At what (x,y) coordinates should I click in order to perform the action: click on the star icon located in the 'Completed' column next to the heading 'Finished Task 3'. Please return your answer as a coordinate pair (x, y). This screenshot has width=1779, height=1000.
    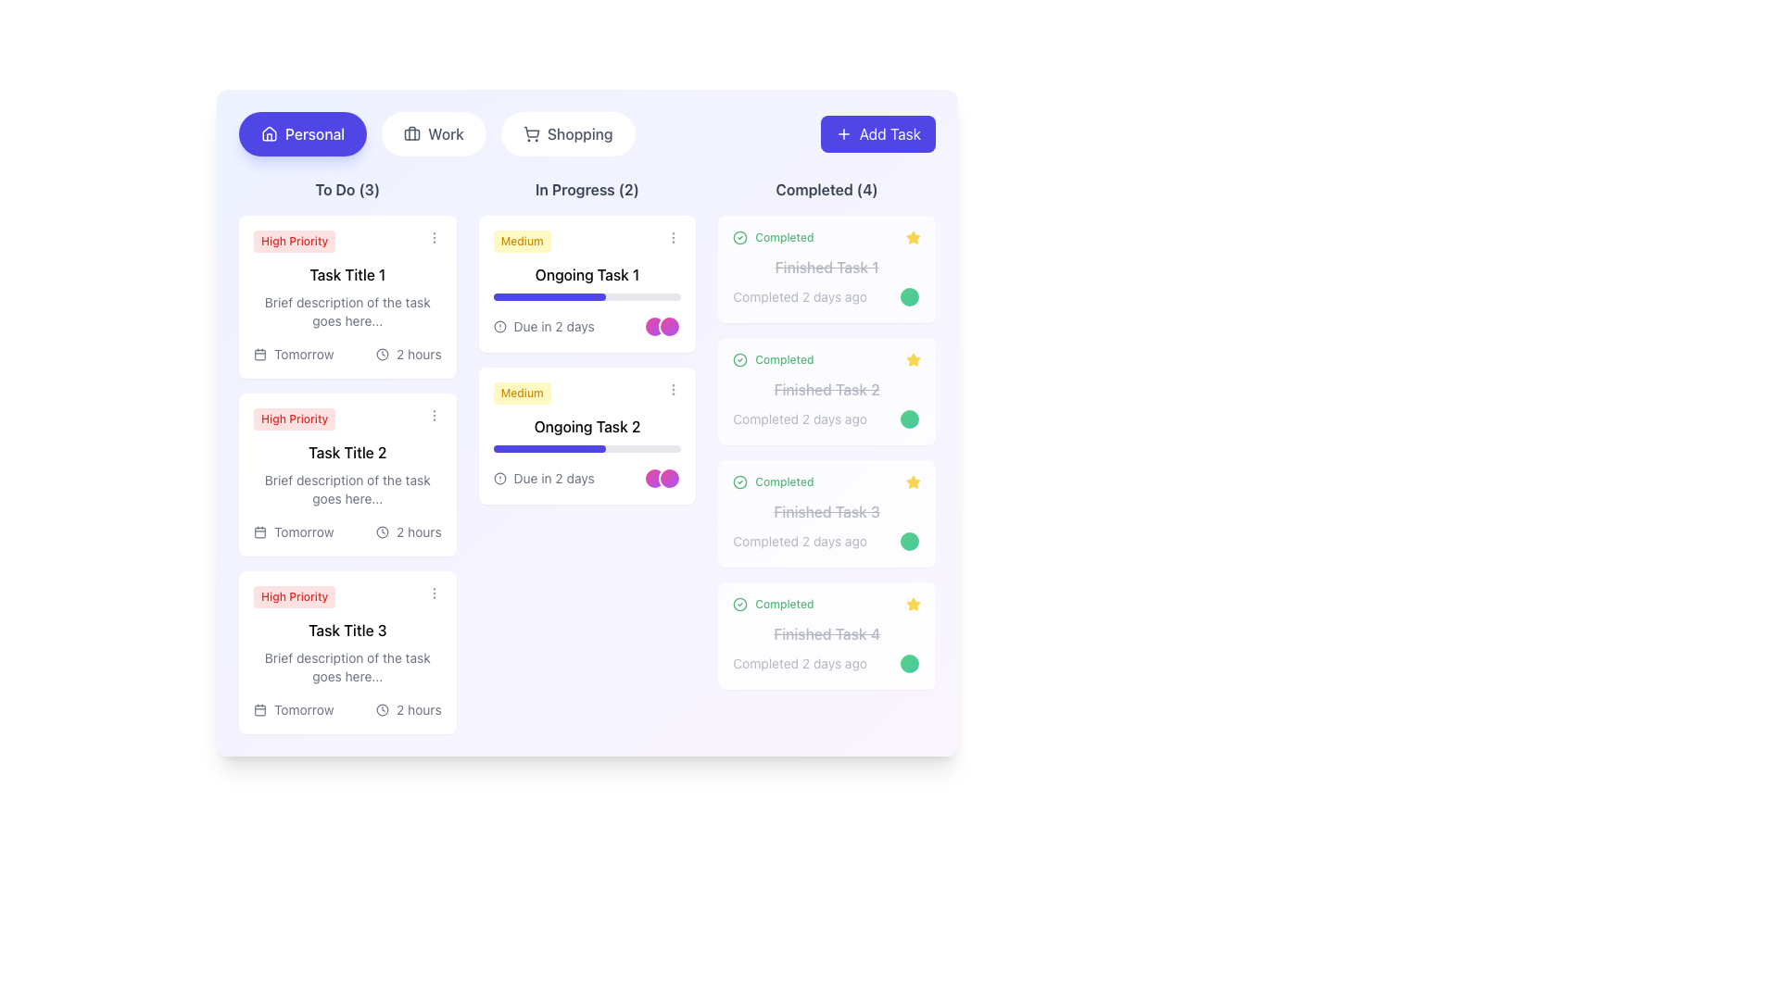
    Looking at the image, I should click on (913, 481).